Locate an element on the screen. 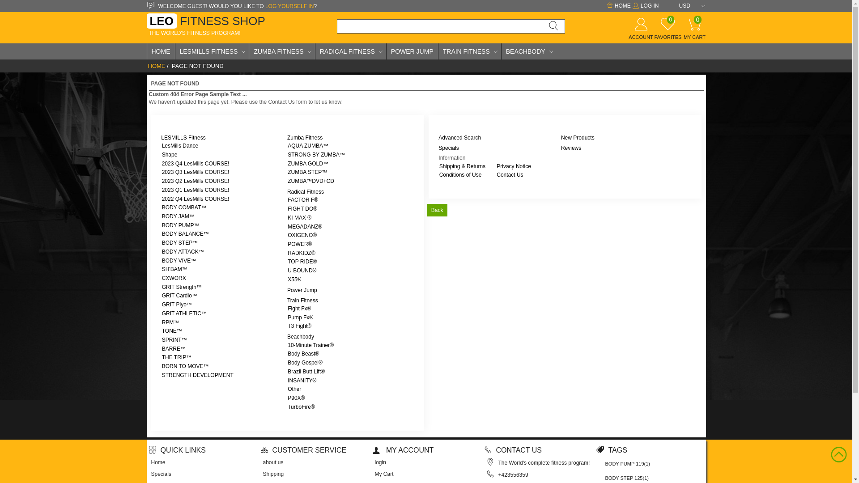  'BODY PUMP 119(1)' is located at coordinates (627, 463).